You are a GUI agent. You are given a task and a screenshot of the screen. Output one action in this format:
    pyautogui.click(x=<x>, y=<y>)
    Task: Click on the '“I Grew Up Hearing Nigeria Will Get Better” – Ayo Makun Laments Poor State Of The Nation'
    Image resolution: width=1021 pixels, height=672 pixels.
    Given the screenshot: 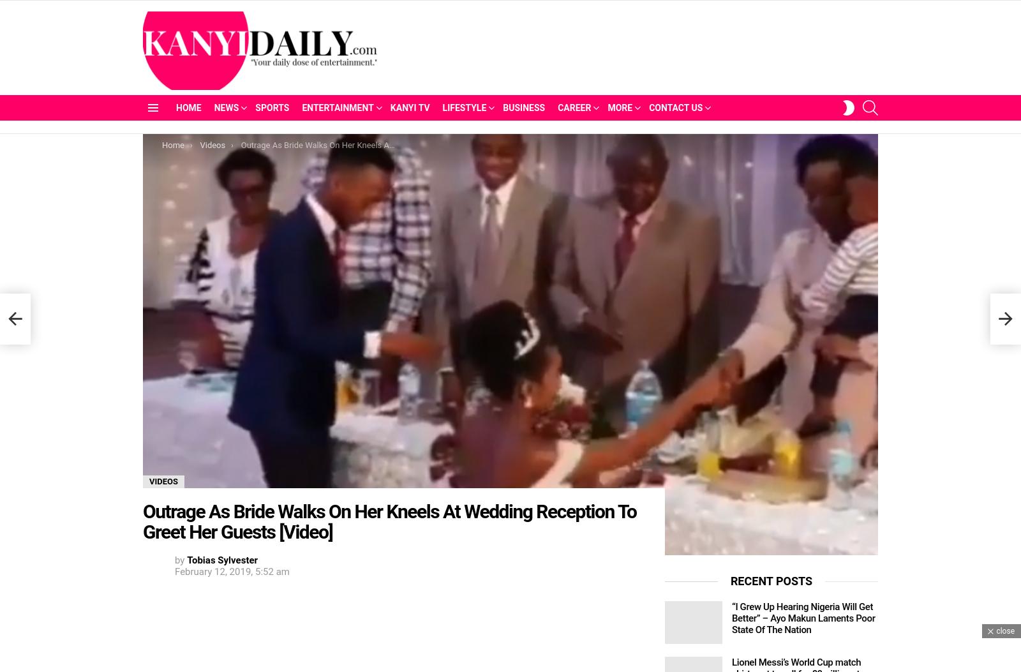 What is the action you would take?
    pyautogui.click(x=803, y=618)
    